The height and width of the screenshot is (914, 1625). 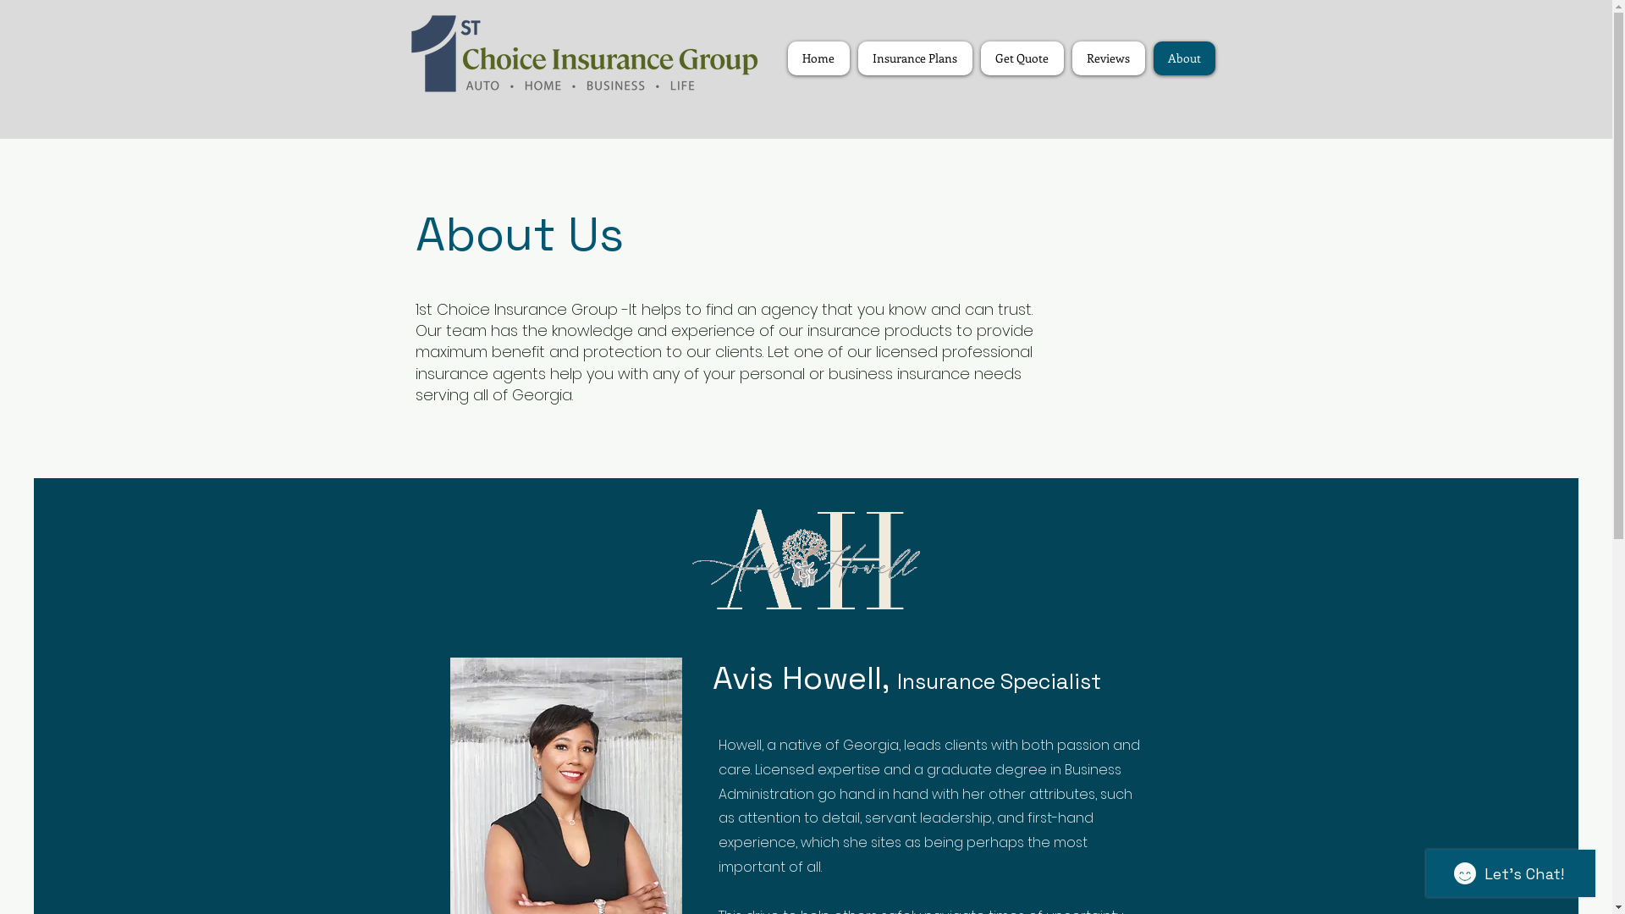 I want to click on 'Get Quote', so click(x=1020, y=58).